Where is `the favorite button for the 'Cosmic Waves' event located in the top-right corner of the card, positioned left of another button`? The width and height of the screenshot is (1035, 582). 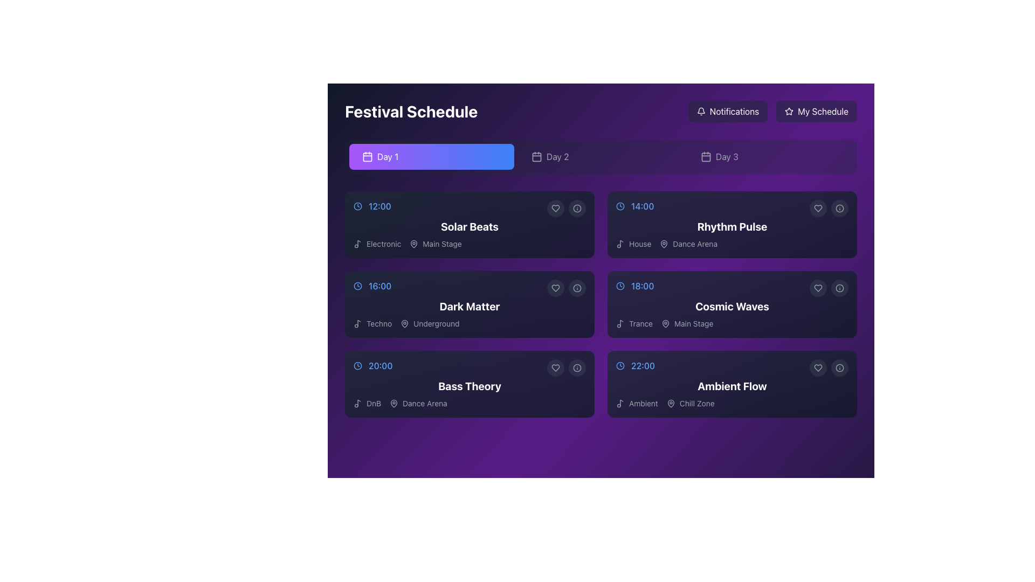 the favorite button for the 'Cosmic Waves' event located in the top-right corner of the card, positioned left of another button is located at coordinates (818, 288).